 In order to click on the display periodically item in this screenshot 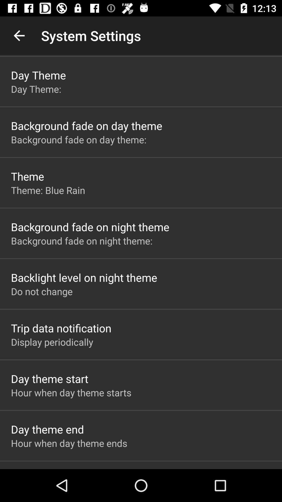, I will do `click(52, 342)`.